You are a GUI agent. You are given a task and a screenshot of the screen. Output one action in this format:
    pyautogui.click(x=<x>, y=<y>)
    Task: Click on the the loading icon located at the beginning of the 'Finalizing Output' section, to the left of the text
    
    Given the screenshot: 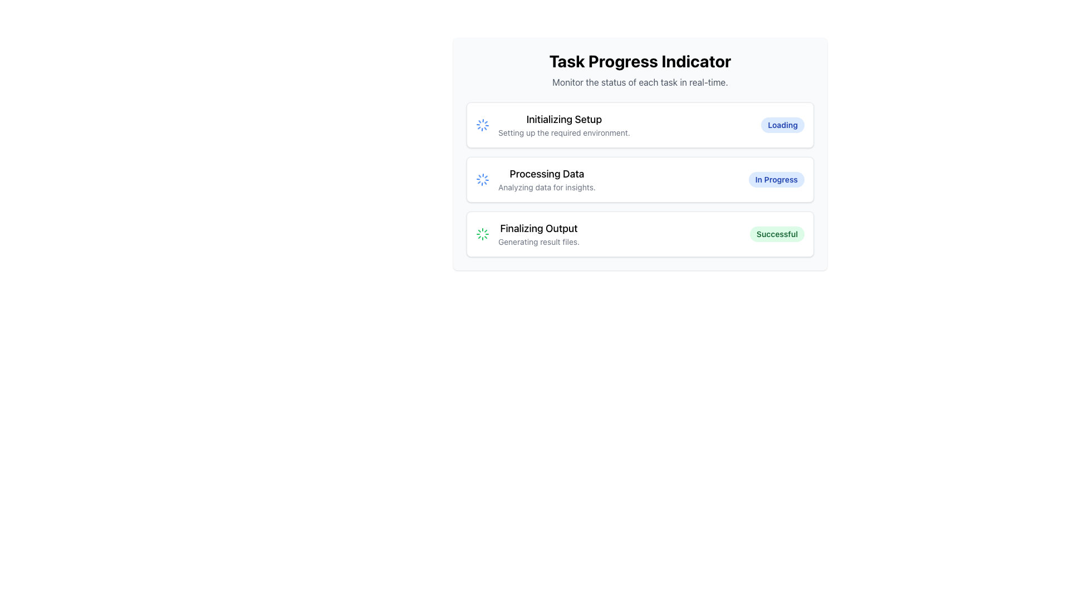 What is the action you would take?
    pyautogui.click(x=483, y=233)
    